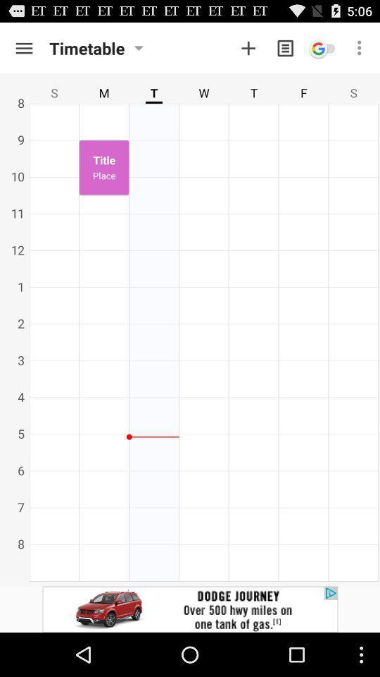 The image size is (380, 677). Describe the element at coordinates (23, 48) in the screenshot. I see `storage` at that location.